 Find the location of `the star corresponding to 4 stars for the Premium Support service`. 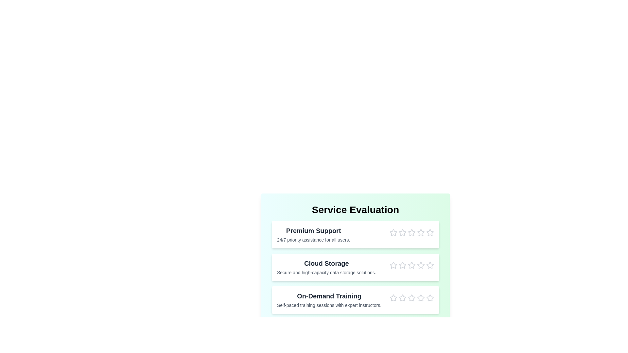

the star corresponding to 4 stars for the Premium Support service is located at coordinates (421, 232).